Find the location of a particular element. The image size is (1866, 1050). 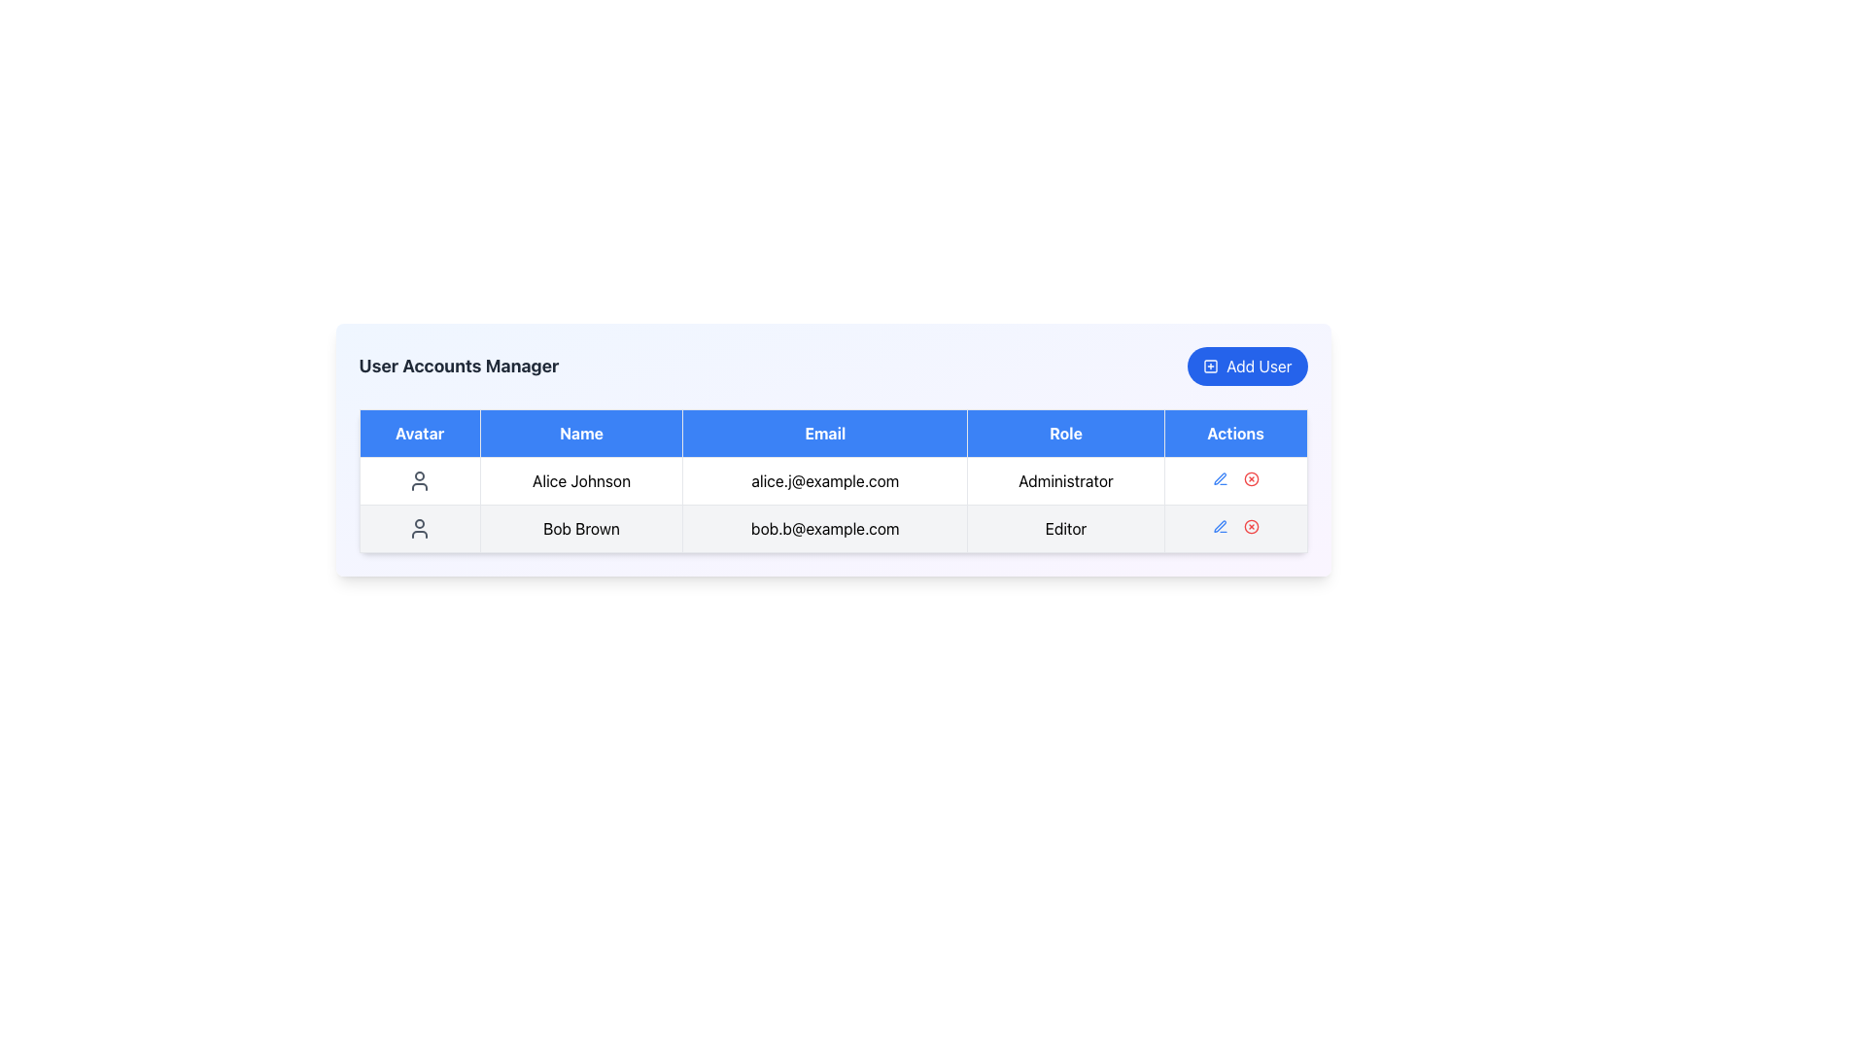

the rounded square icon located at the center of the 'Add User' button in the top-right corner of the user table component is located at coordinates (1210, 367).